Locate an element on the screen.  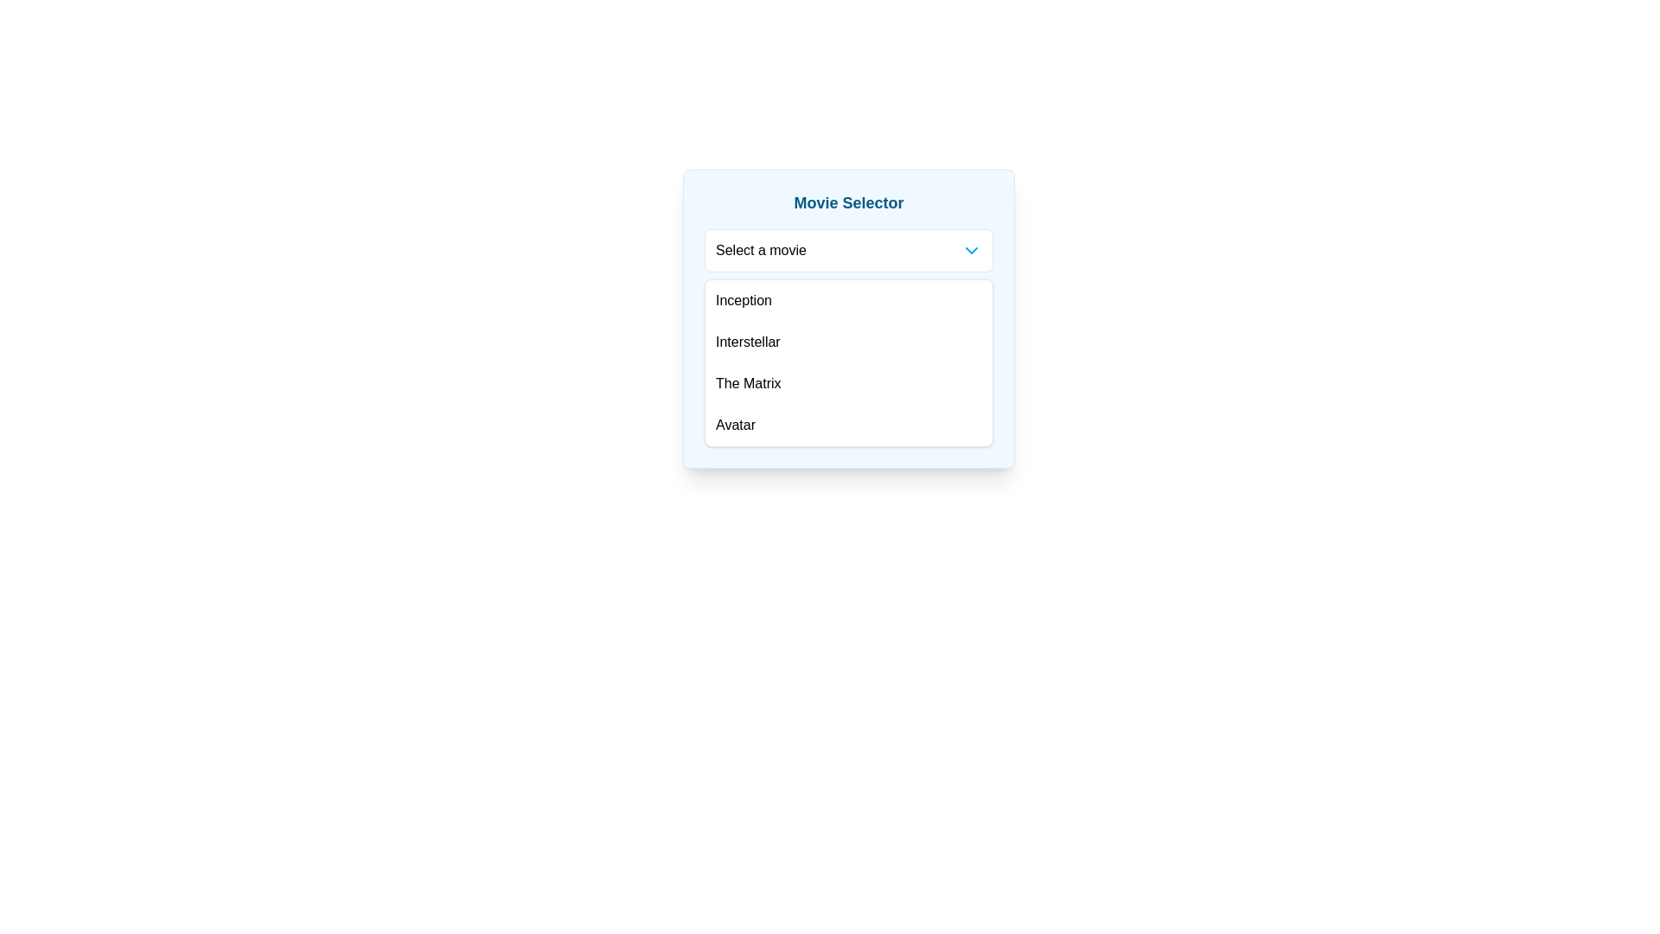
the 'Interstellar' text label in the drop-down menu is located at coordinates (748, 342).